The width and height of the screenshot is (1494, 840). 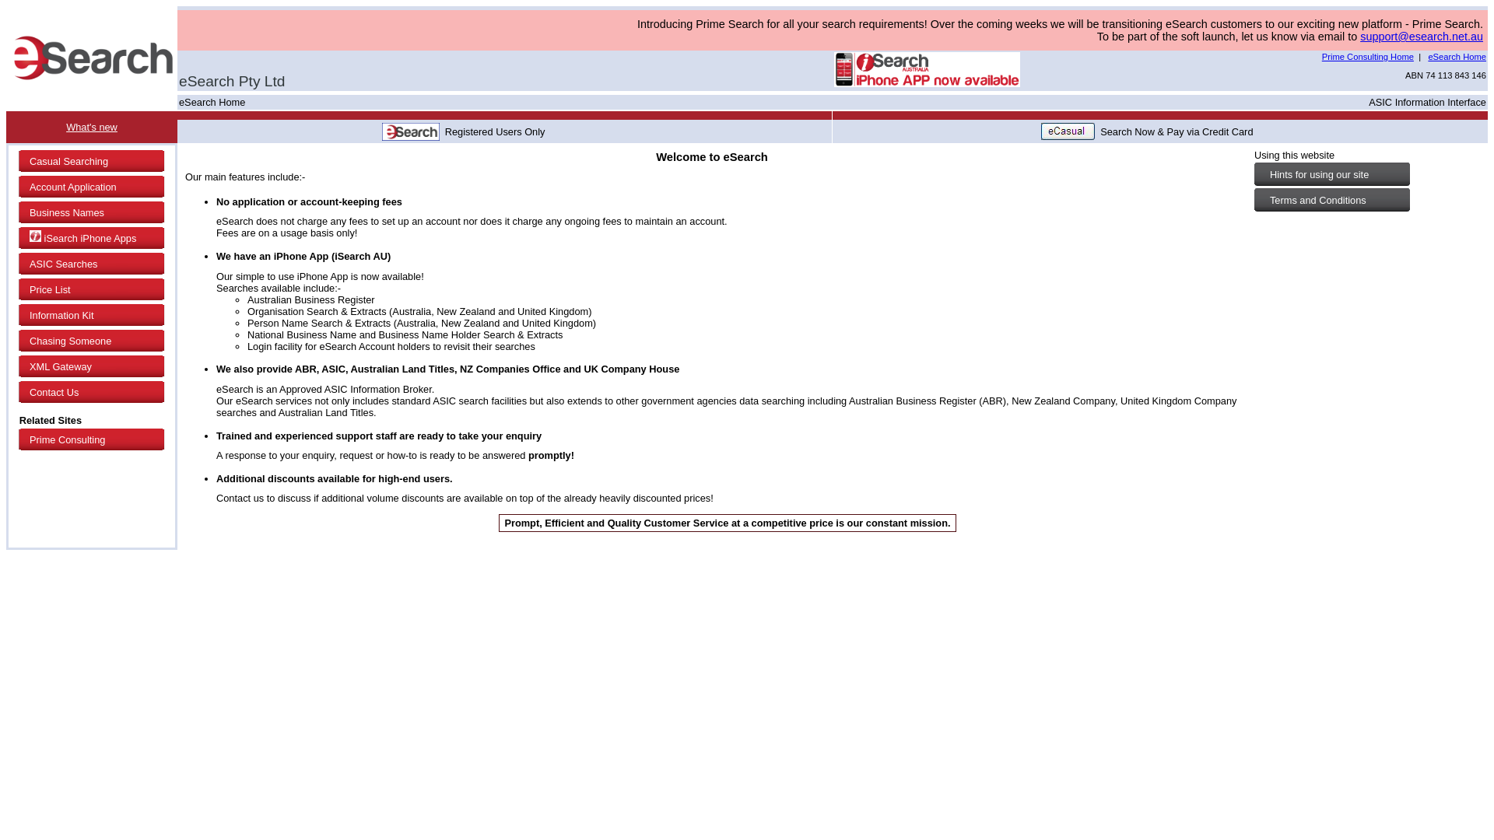 What do you see at coordinates (92, 439) in the screenshot?
I see `'Prime Consulting'` at bounding box center [92, 439].